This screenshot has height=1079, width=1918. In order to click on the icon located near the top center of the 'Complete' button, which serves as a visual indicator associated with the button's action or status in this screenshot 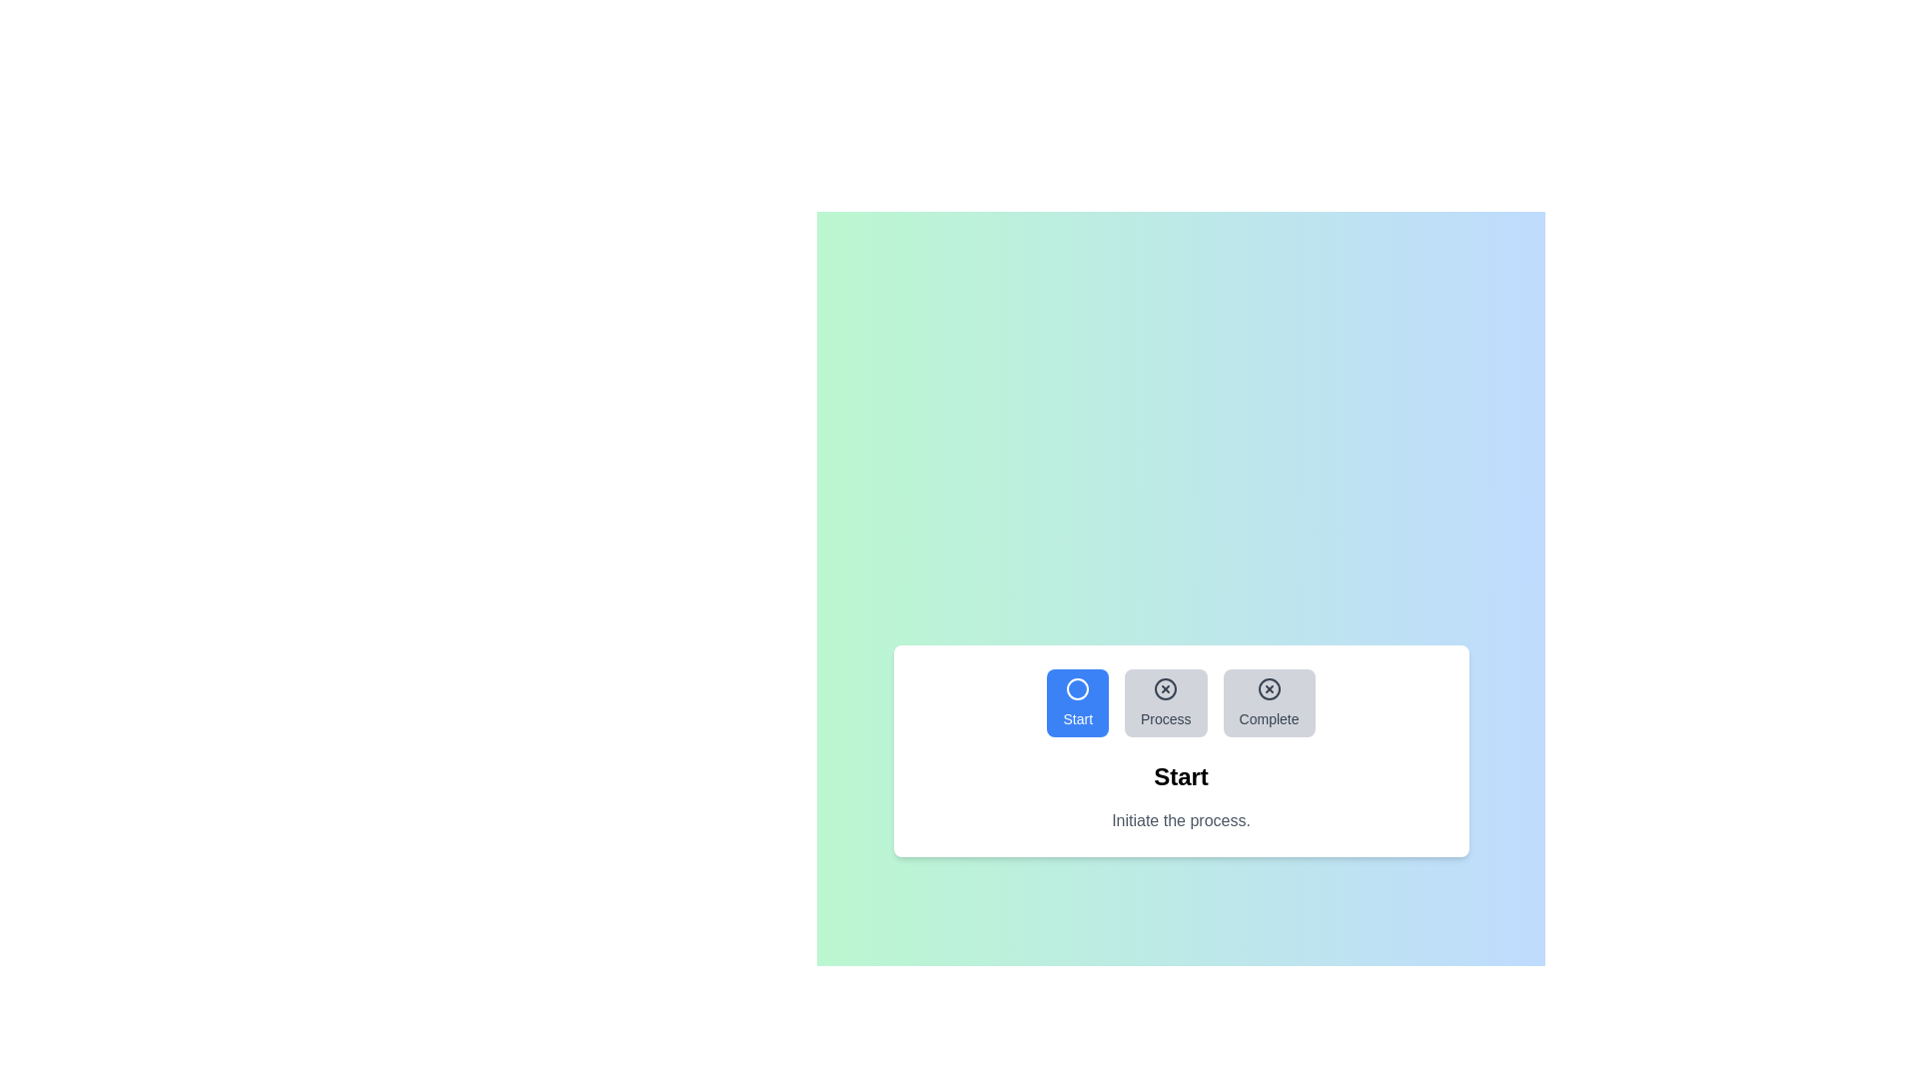, I will do `click(1268, 688)`.